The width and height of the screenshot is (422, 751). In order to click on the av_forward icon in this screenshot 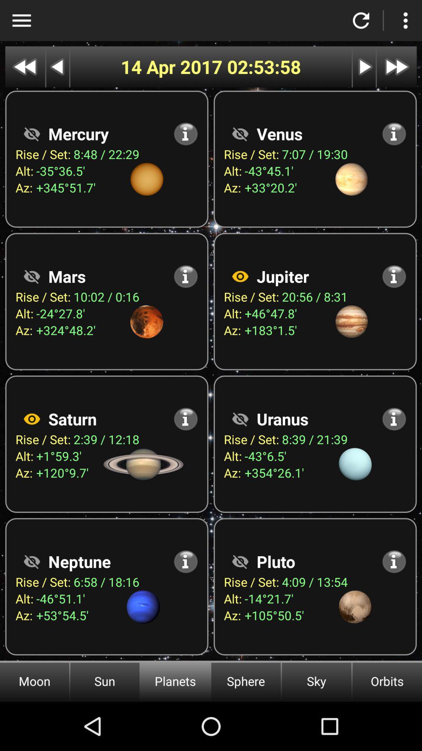, I will do `click(397, 67)`.